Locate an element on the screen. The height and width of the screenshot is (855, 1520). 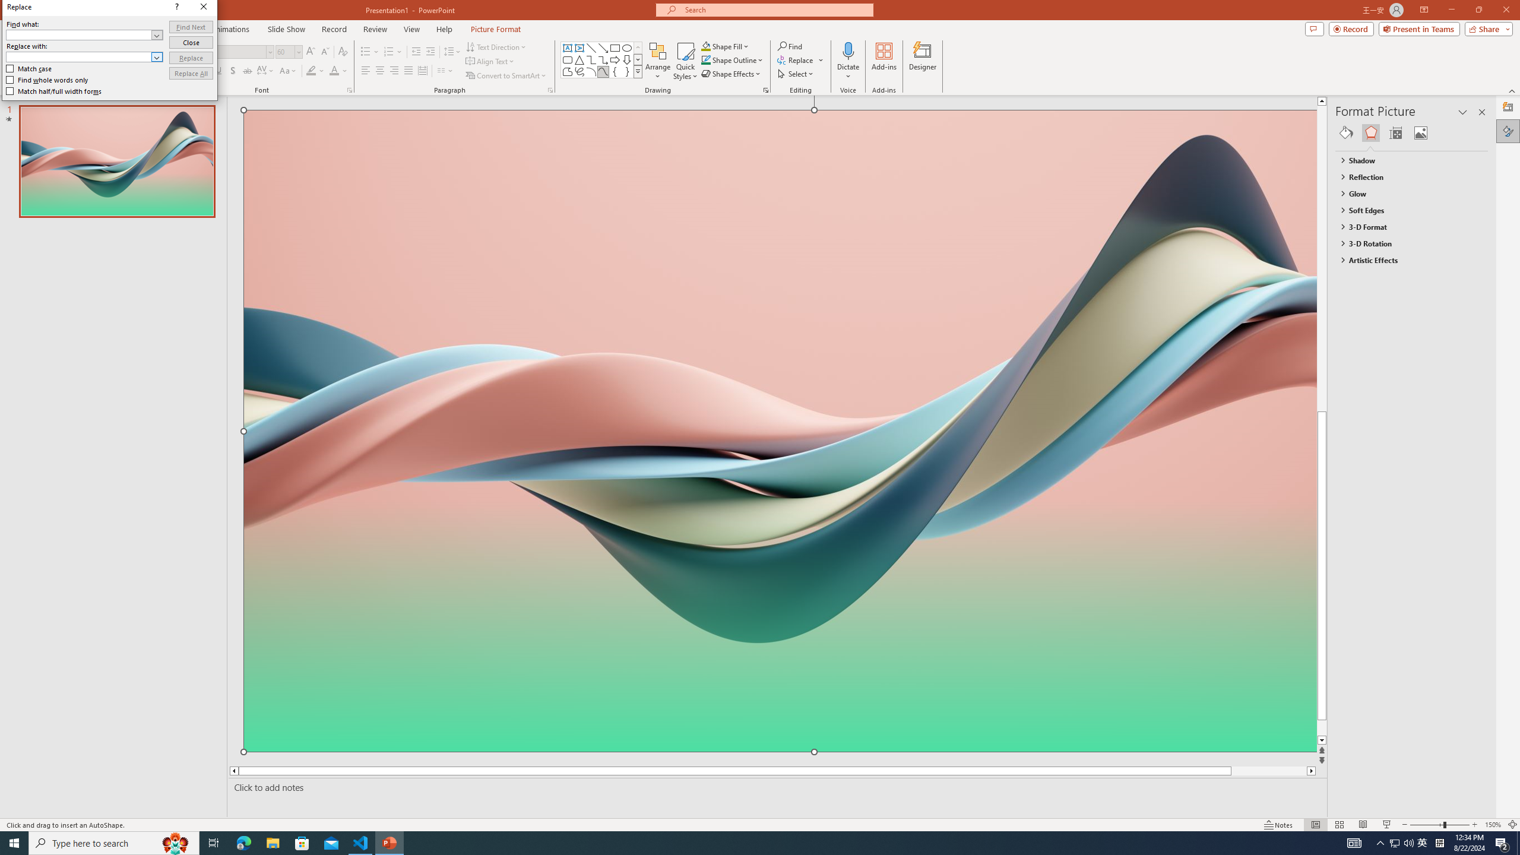
'Rectangle: Rounded Corners' is located at coordinates (567, 59).